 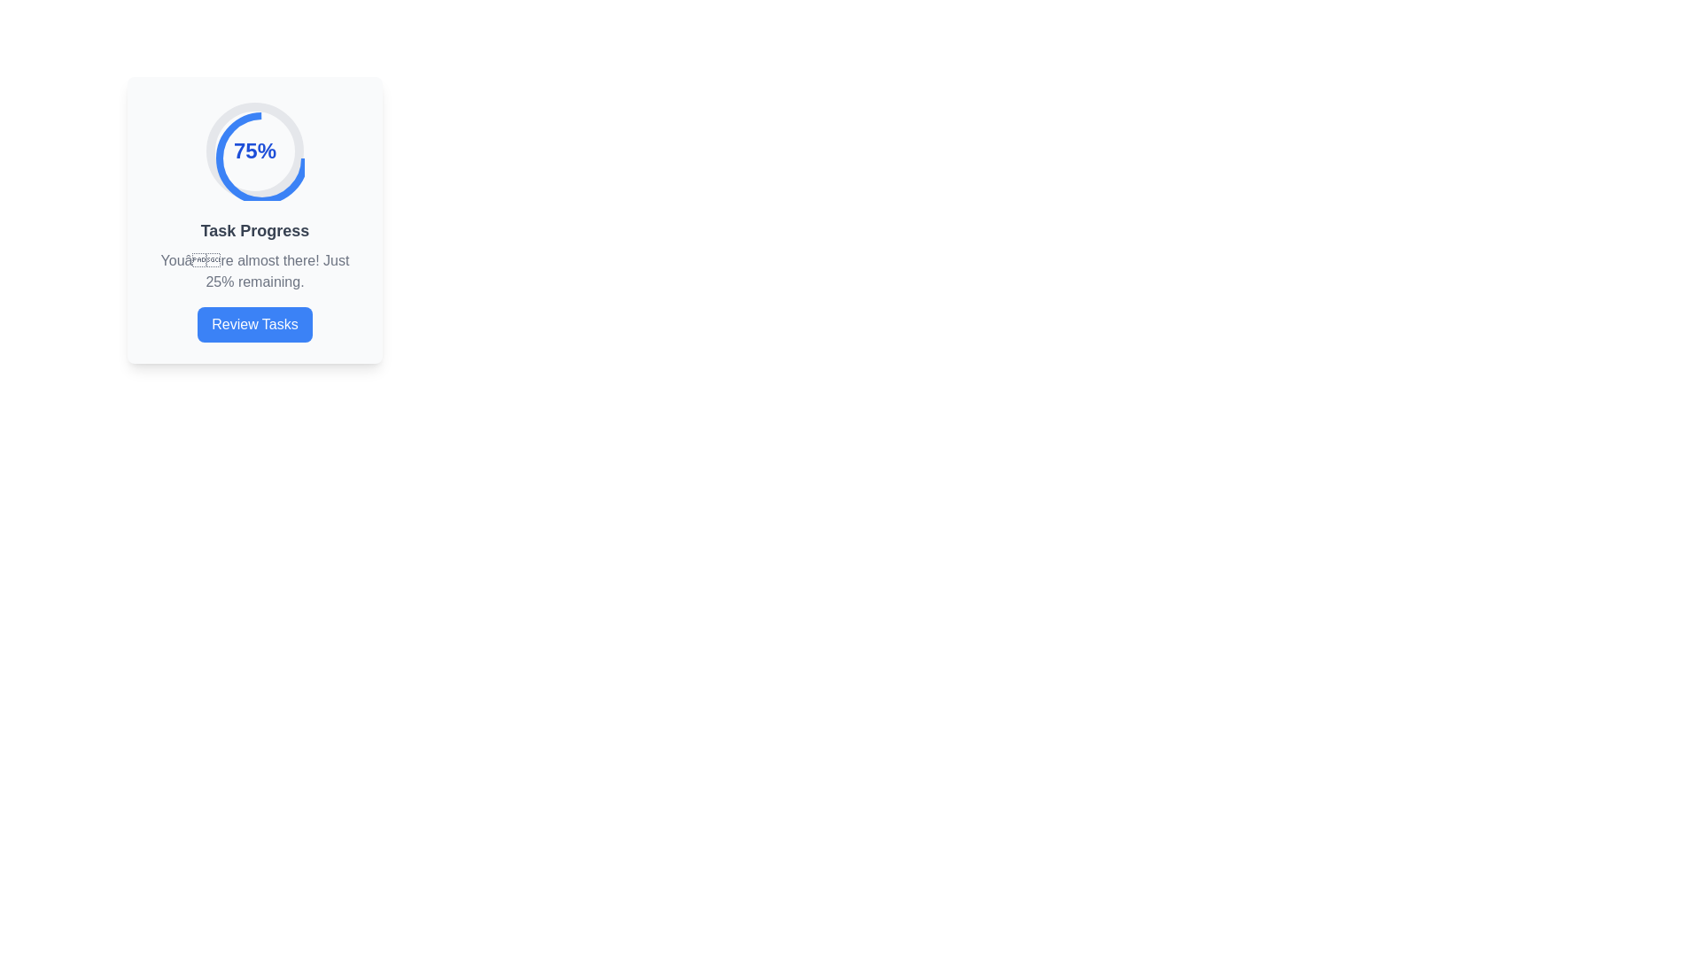 I want to click on the Circular progress bar indicating task completion percentage, which is centrally located above the 'Task Progress' text, so click(x=254, y=150).